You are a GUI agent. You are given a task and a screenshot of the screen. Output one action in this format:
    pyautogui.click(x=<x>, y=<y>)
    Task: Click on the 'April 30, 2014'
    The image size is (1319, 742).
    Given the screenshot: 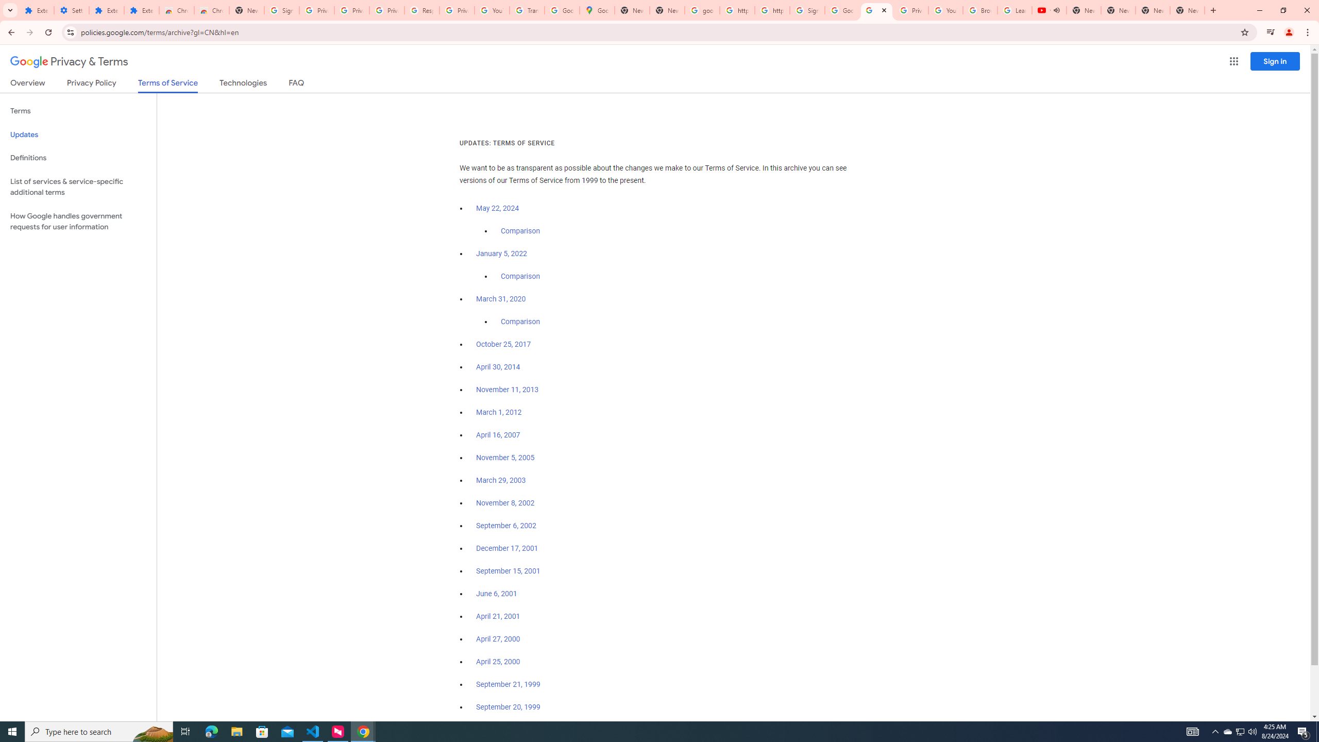 What is the action you would take?
    pyautogui.click(x=498, y=367)
    